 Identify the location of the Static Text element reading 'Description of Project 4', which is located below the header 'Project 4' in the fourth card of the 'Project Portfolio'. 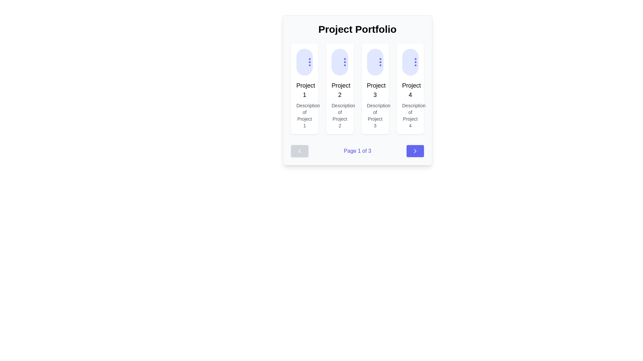
(410, 115).